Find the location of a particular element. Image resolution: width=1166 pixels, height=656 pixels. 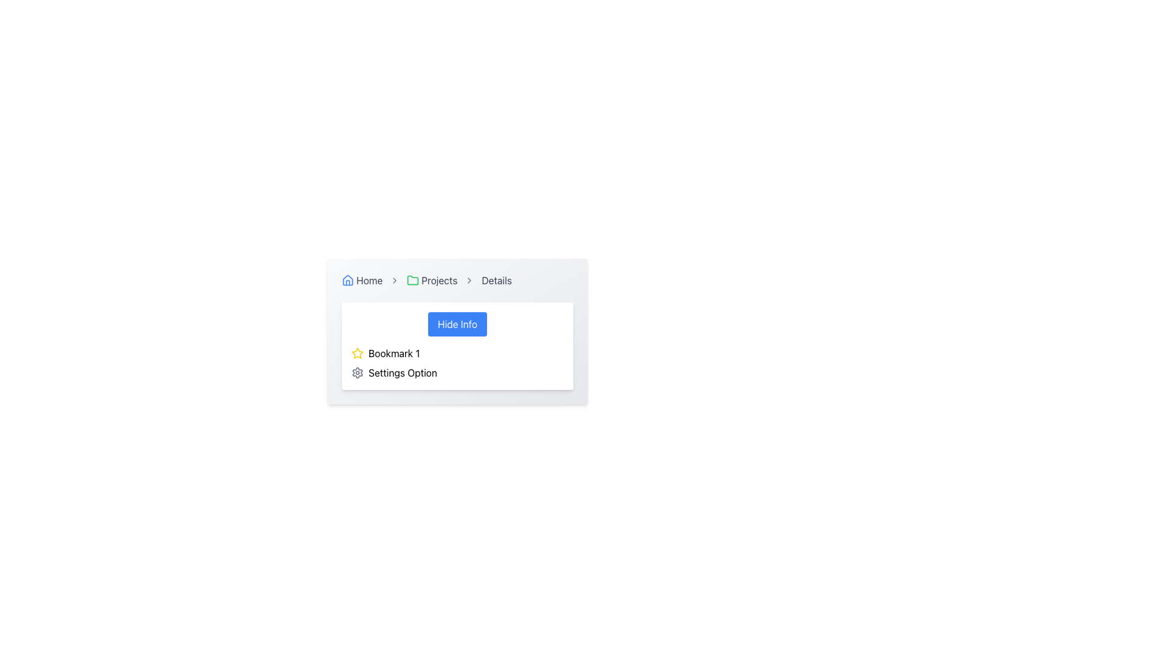

the gear icon located to the left of the 'Settings Option' text is located at coordinates (357, 372).